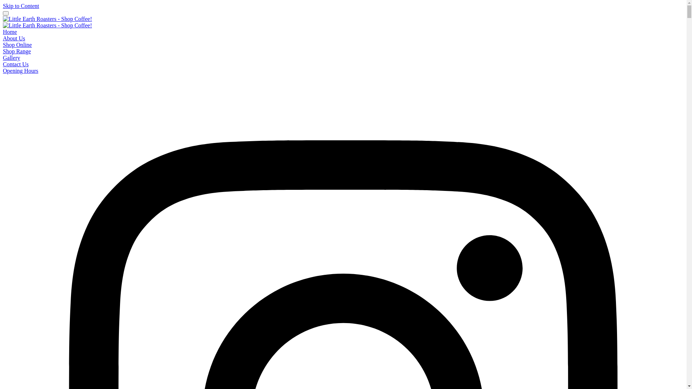 This screenshot has height=389, width=692. What do you see at coordinates (3, 64) in the screenshot?
I see `'Contact Us'` at bounding box center [3, 64].